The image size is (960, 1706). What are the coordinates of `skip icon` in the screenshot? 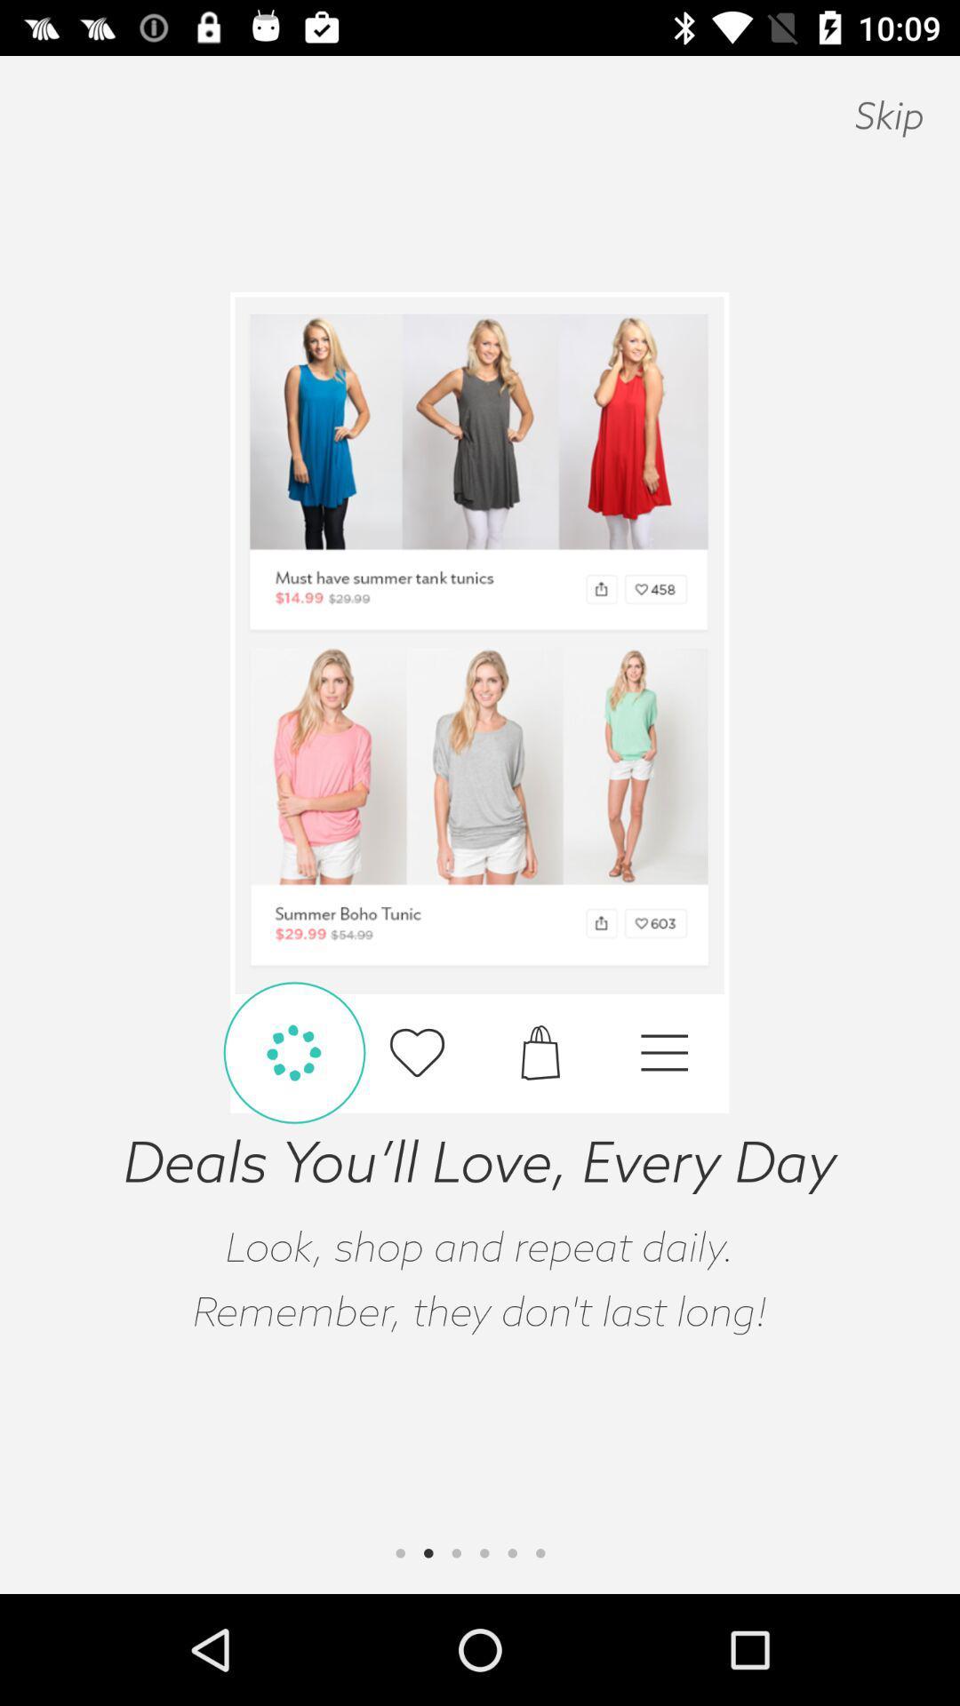 It's located at (889, 115).